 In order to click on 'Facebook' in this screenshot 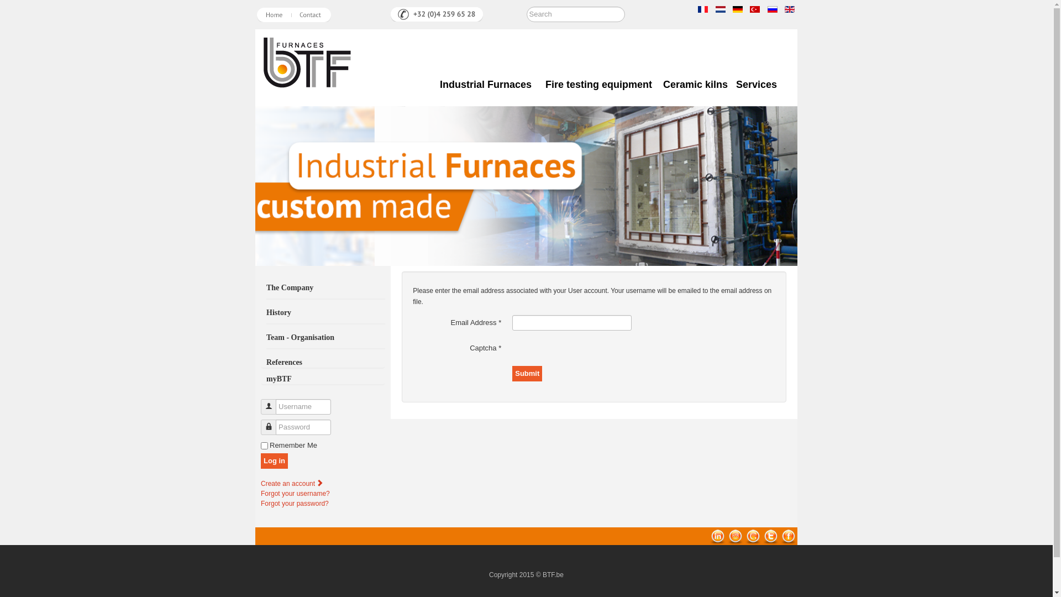, I will do `click(787, 535)`.